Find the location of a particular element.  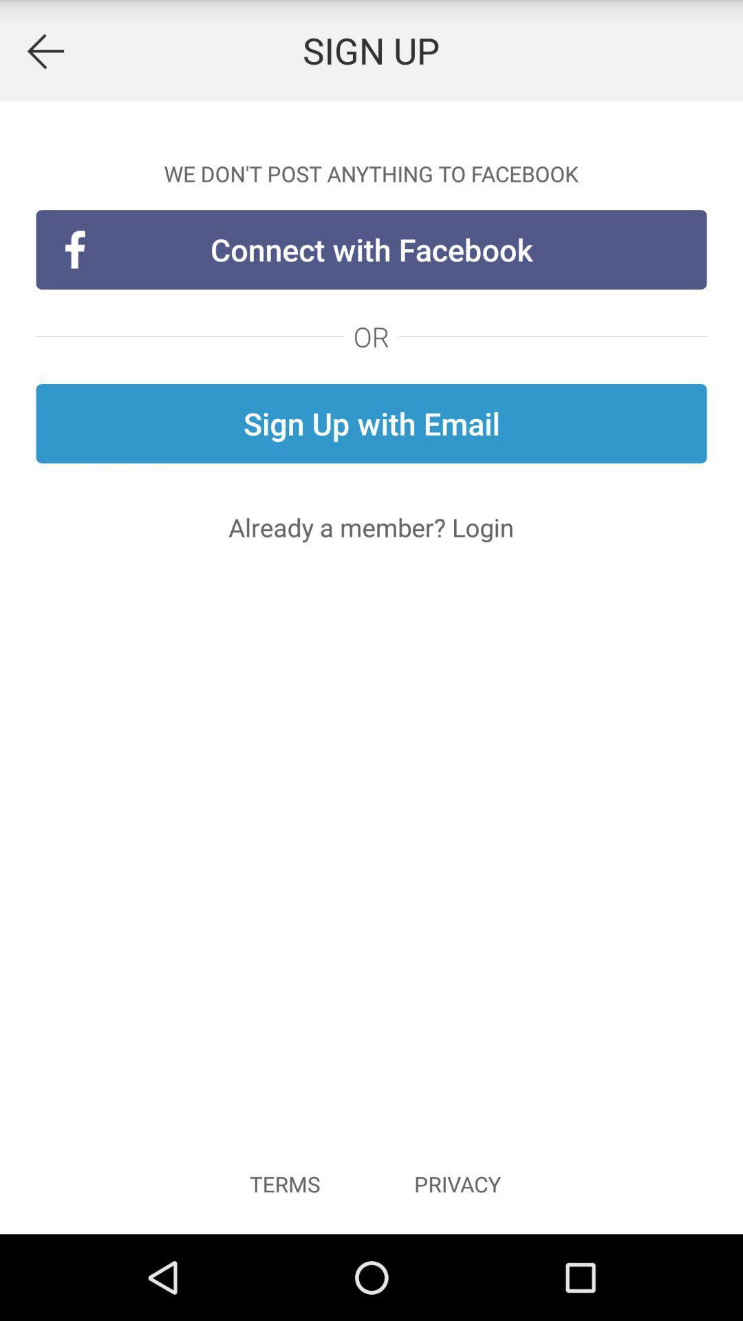

go back is located at coordinates (44, 50).